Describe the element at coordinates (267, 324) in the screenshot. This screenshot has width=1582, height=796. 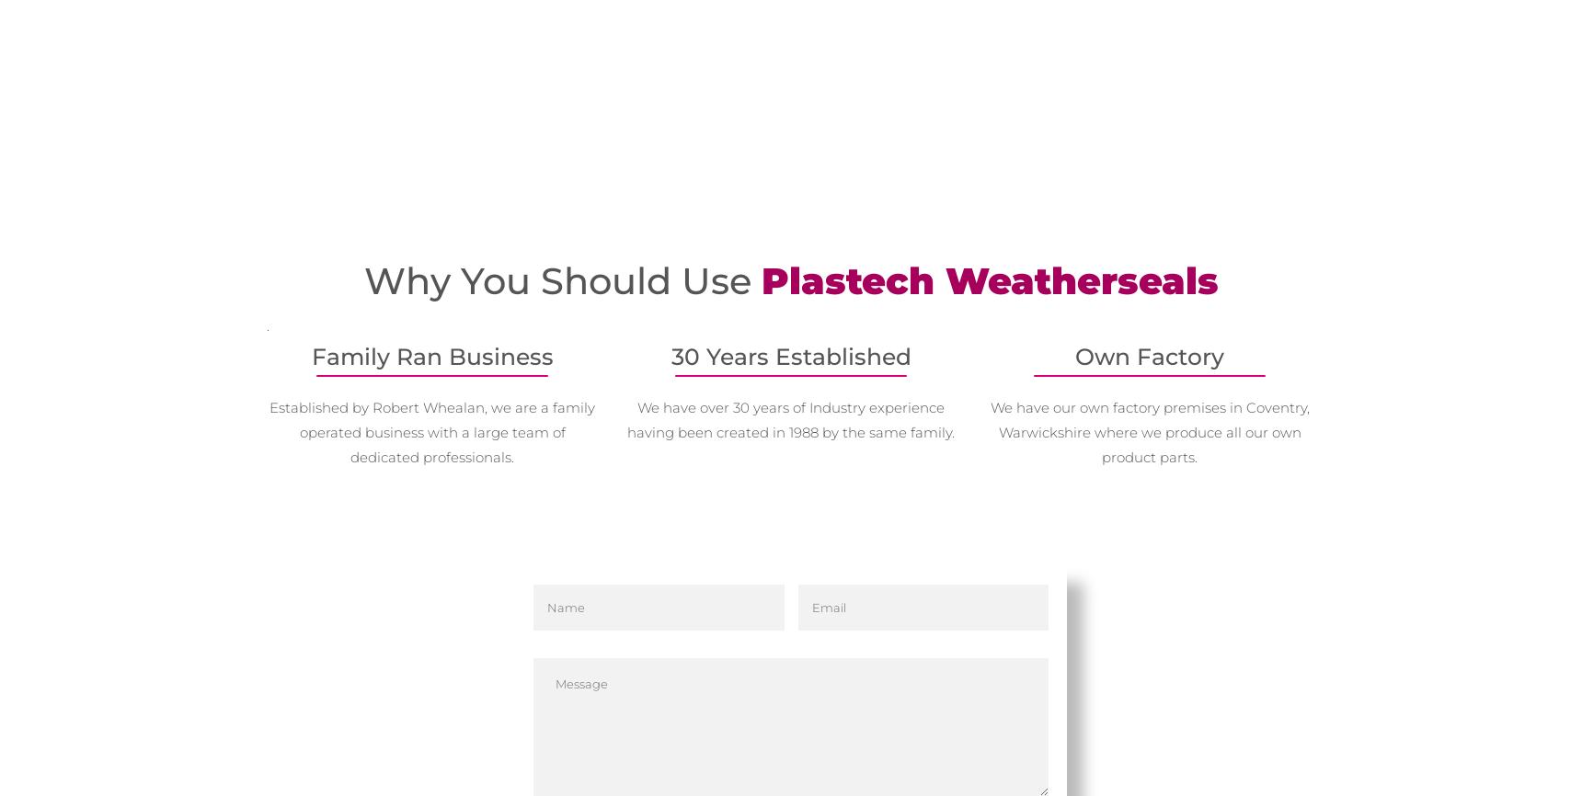
I see `'.'` at that location.